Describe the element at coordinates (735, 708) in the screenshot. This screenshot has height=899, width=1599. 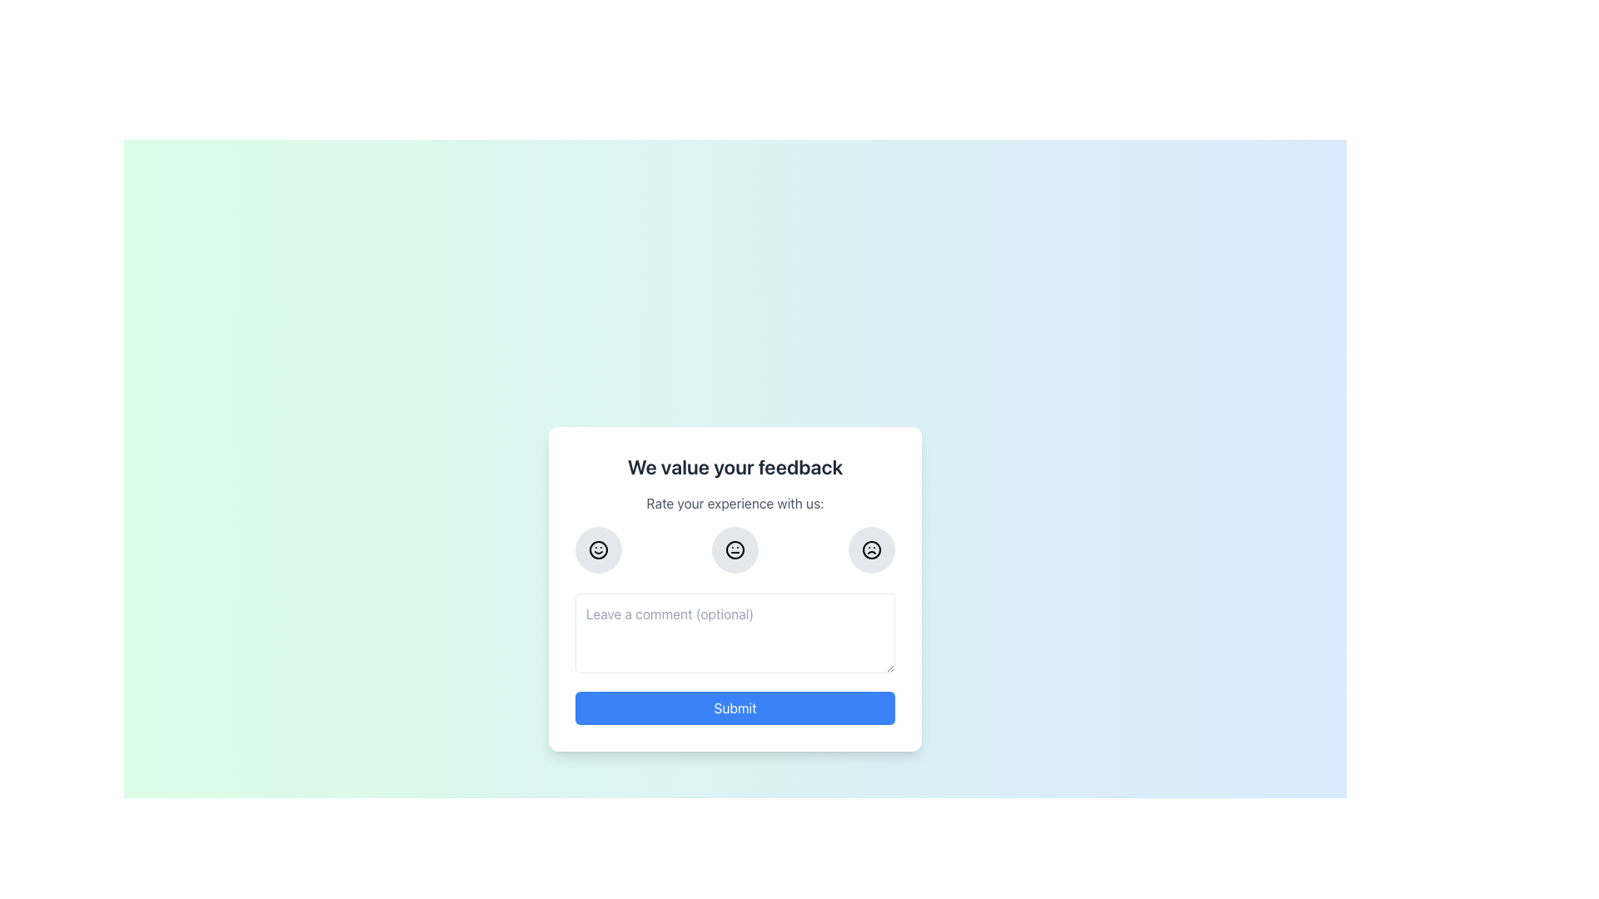
I see `the submission button for the feedback form located at the bottom of the panel` at that location.